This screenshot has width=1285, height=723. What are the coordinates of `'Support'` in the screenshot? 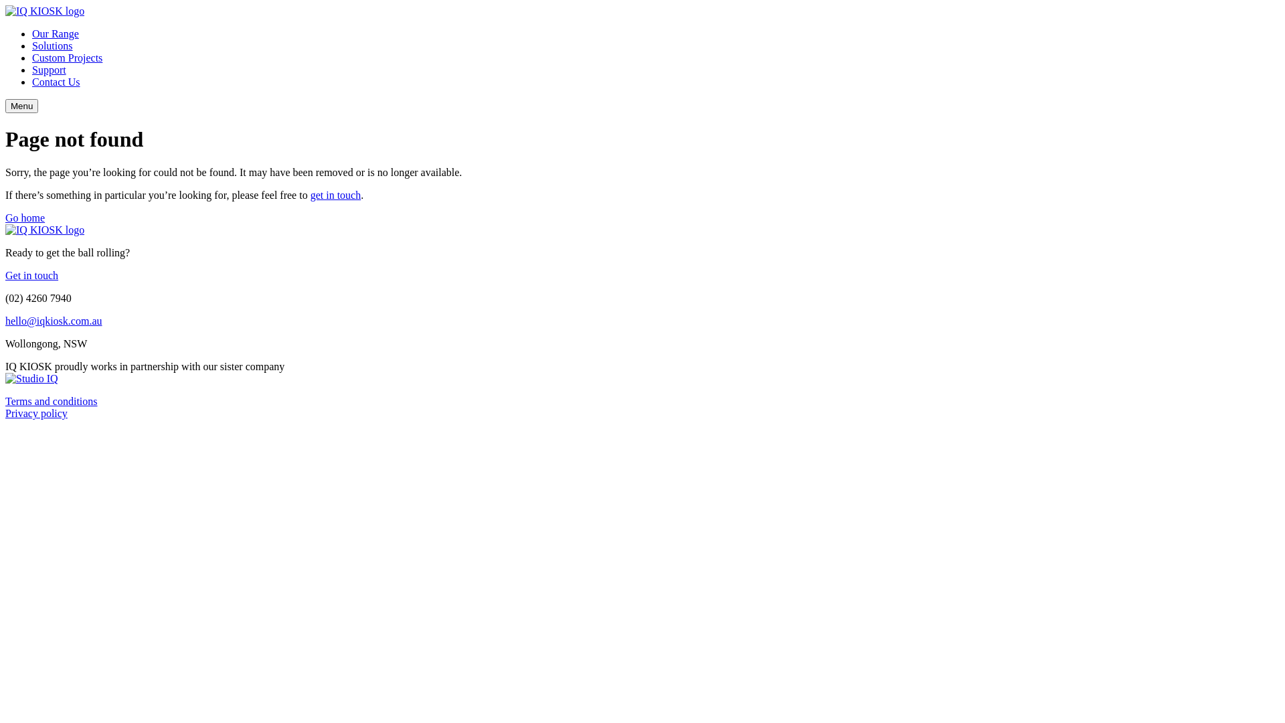 It's located at (49, 70).